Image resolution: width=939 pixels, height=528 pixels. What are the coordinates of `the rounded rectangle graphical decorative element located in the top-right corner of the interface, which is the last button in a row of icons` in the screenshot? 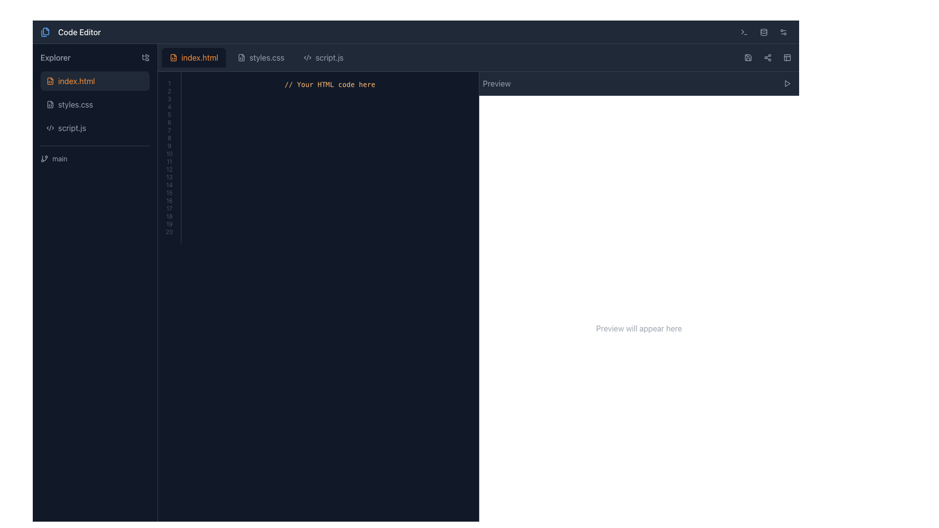 It's located at (787, 58).